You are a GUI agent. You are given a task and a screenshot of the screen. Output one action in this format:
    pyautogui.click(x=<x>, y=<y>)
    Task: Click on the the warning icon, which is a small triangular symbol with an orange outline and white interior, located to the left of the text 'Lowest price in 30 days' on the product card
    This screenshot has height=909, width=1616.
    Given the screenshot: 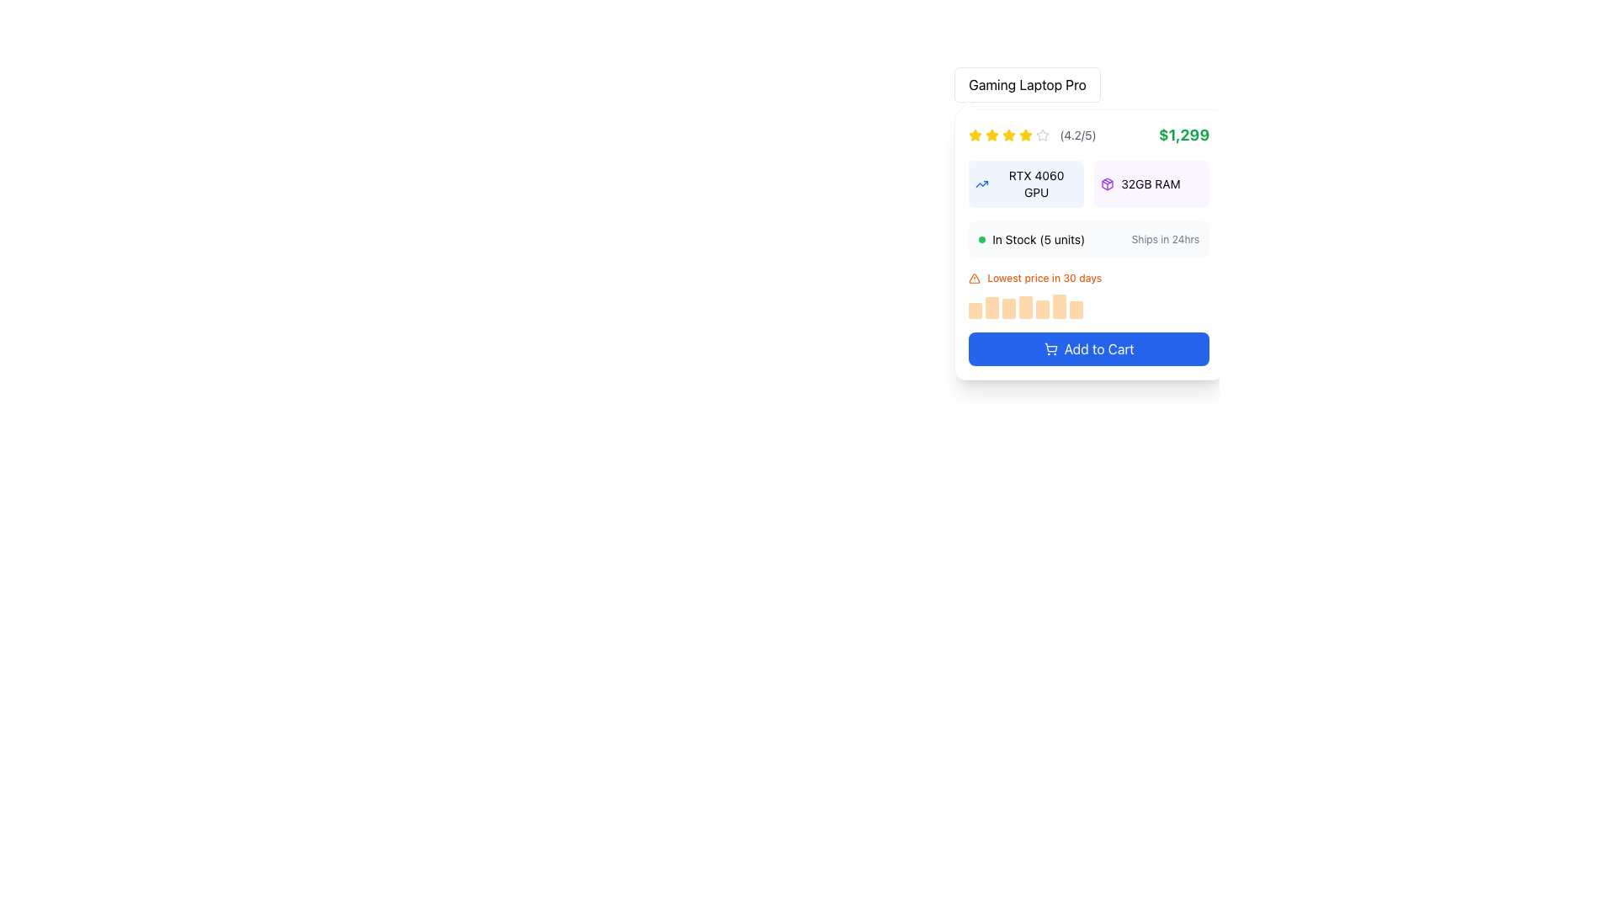 What is the action you would take?
    pyautogui.click(x=975, y=278)
    